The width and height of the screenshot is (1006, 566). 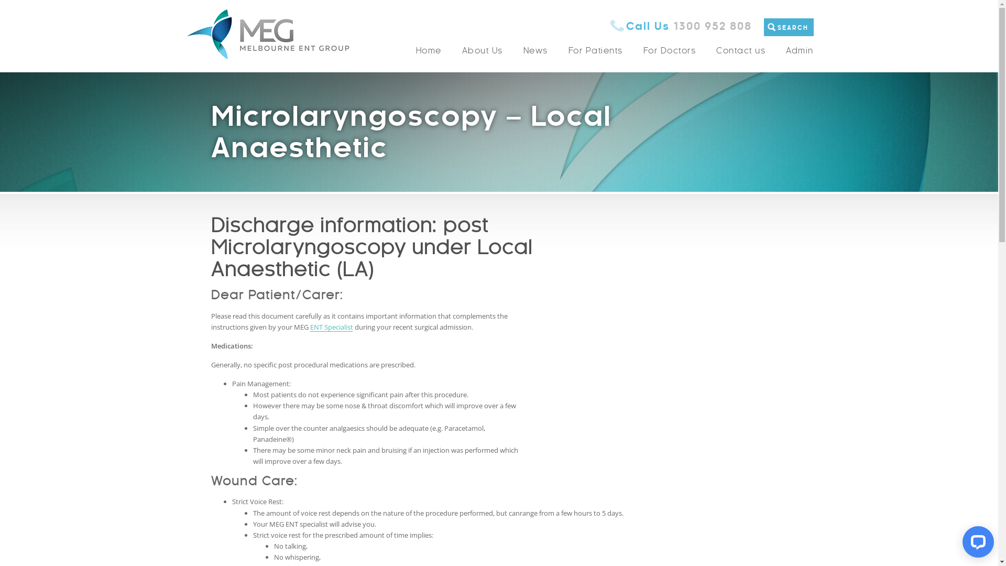 What do you see at coordinates (669, 51) in the screenshot?
I see `'For Doctors'` at bounding box center [669, 51].